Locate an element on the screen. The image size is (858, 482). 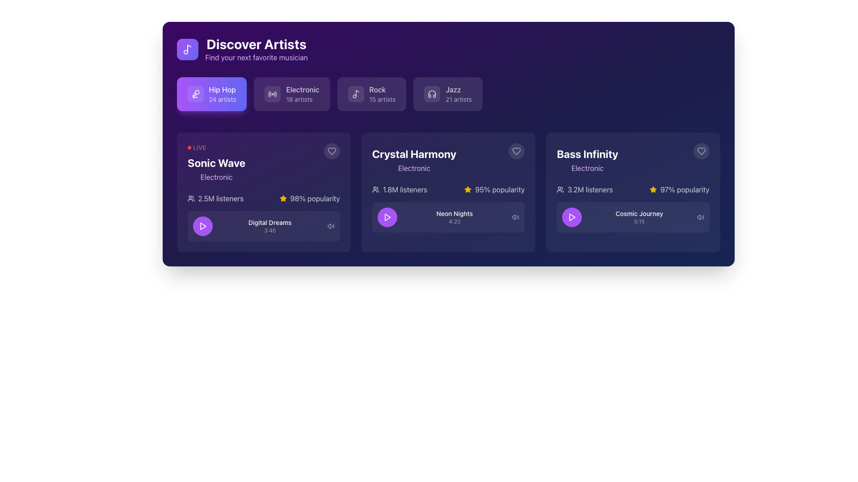
the heart-shaped icon located at the top right corner of the 'Sonic Wave' card is located at coordinates (331, 151).